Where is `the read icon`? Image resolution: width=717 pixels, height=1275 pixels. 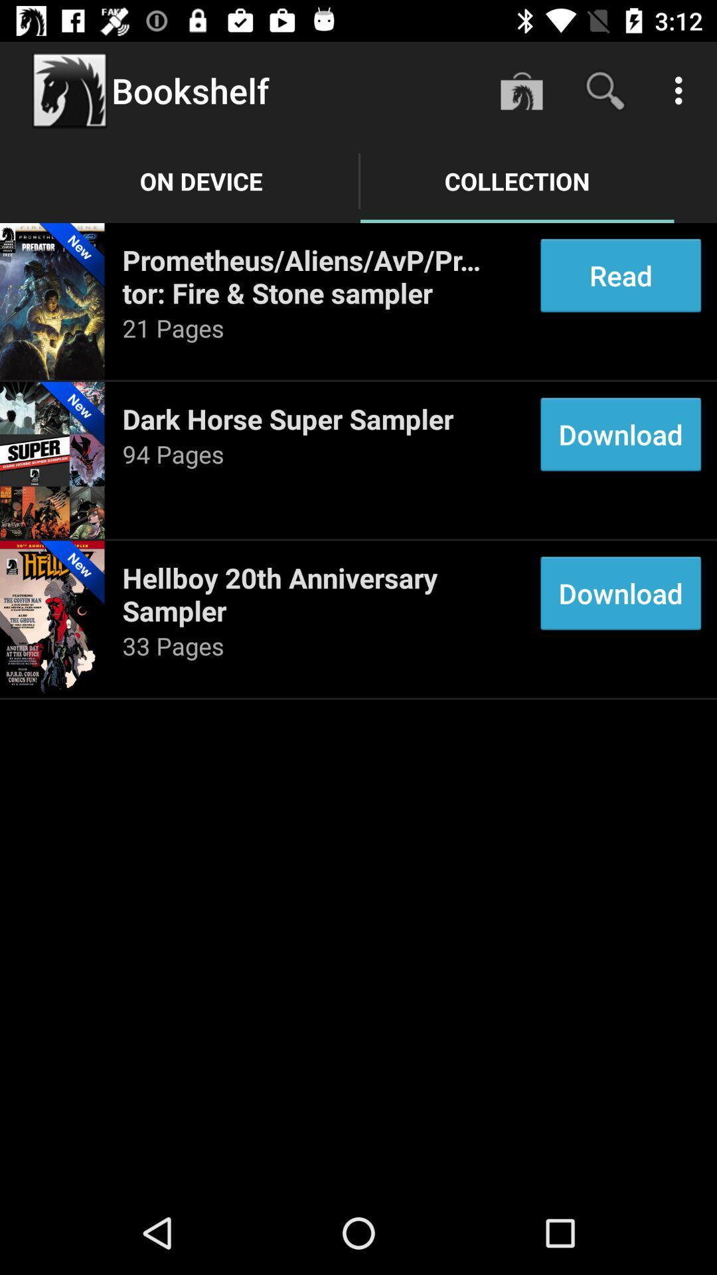 the read icon is located at coordinates (621, 275).